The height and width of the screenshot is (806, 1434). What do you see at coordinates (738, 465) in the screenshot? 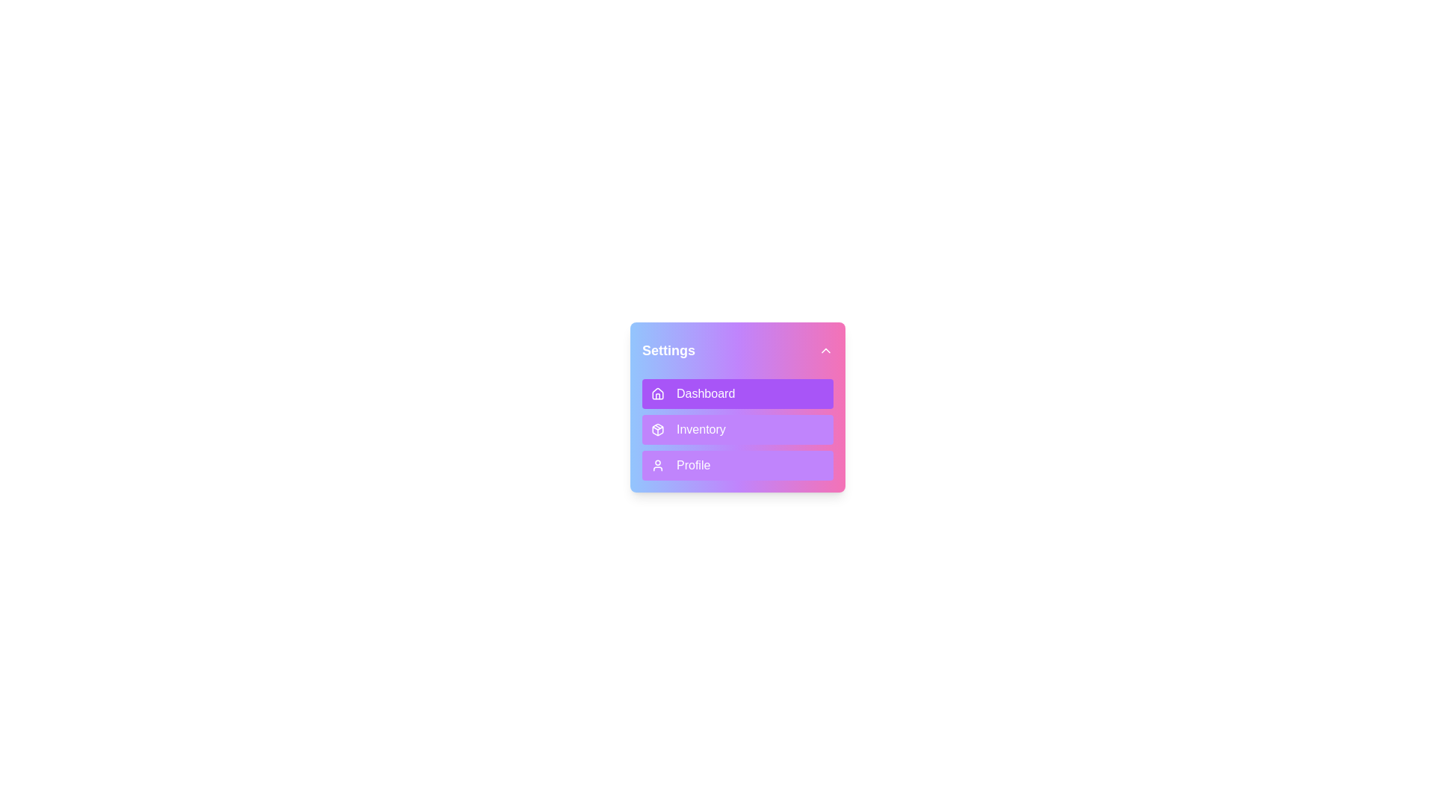
I see `the menu item Profile in the sidebar menu` at bounding box center [738, 465].